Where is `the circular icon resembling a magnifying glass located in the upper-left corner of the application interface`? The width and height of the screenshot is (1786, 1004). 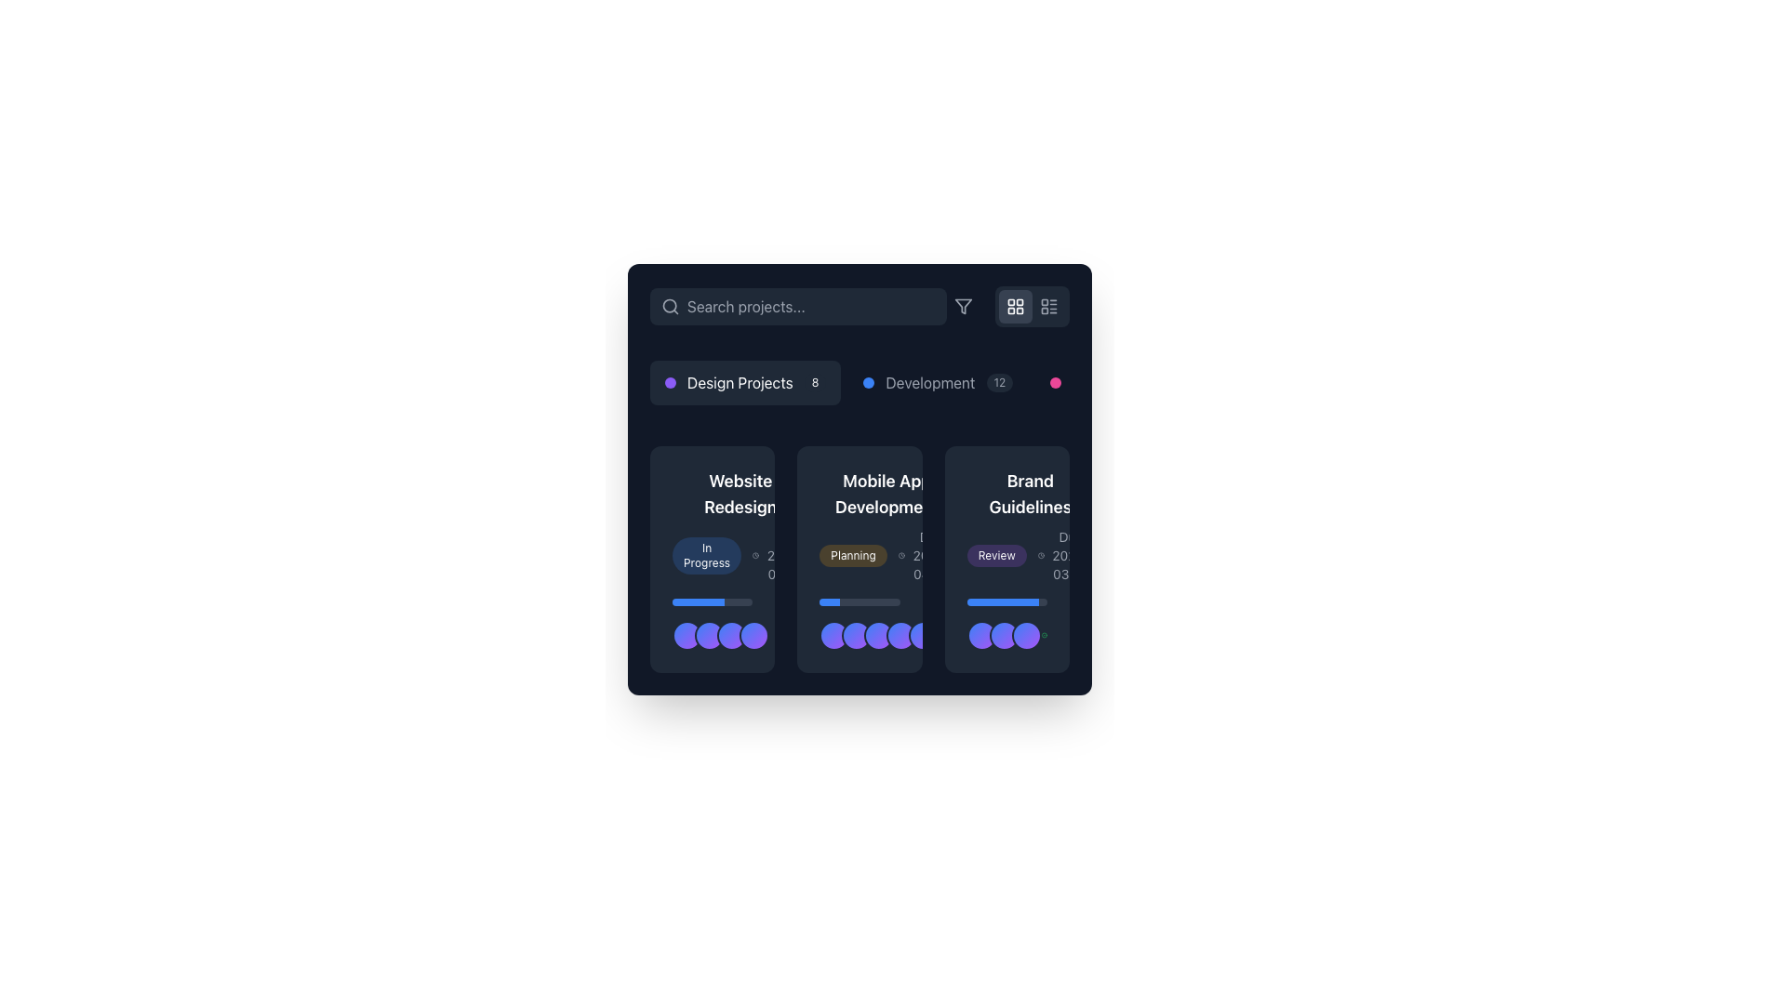
the circular icon resembling a magnifying glass located in the upper-left corner of the application interface is located at coordinates (670, 305).